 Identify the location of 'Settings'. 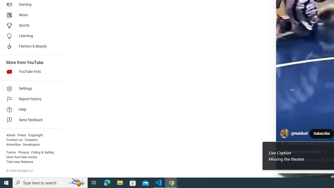
(29, 88).